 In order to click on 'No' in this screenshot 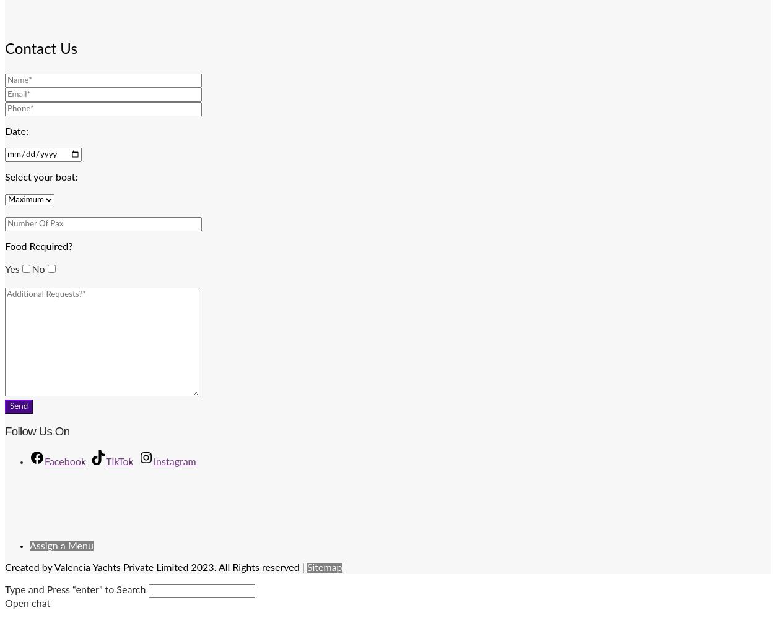, I will do `click(38, 268)`.